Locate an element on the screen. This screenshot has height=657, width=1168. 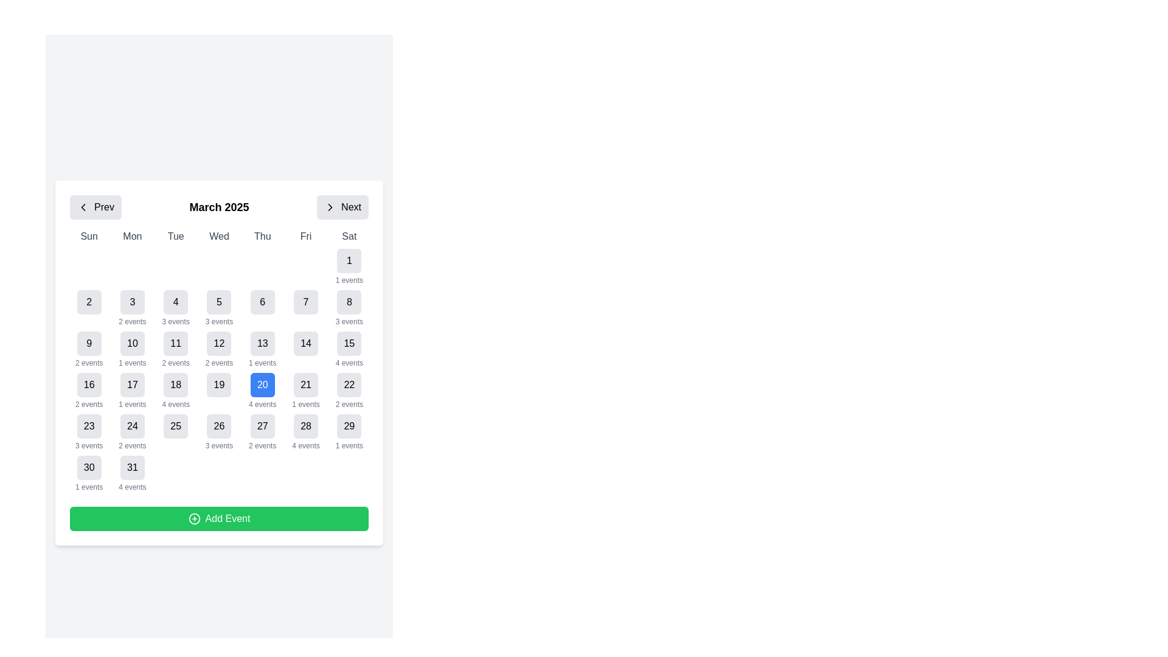
the Calendar Day Cell representing the 6th day of the month is located at coordinates (262, 307).